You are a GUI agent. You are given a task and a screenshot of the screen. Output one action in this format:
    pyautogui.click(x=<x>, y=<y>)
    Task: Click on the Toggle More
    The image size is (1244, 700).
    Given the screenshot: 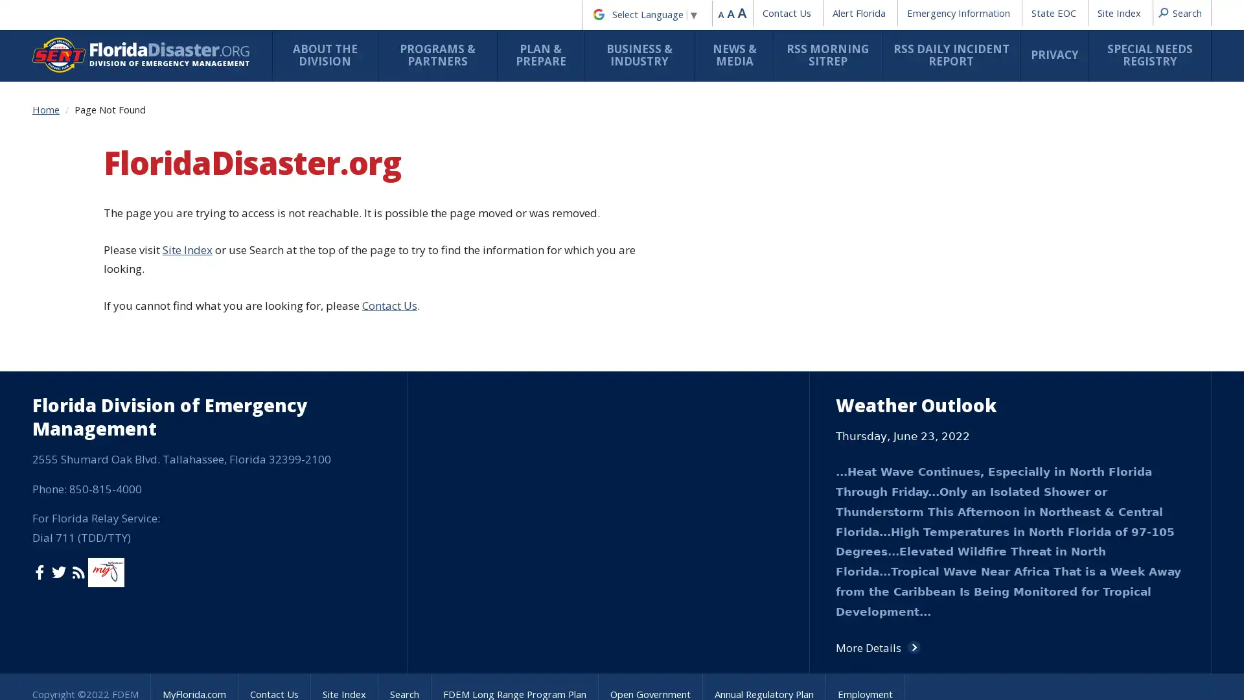 What is the action you would take?
    pyautogui.click(x=389, y=202)
    